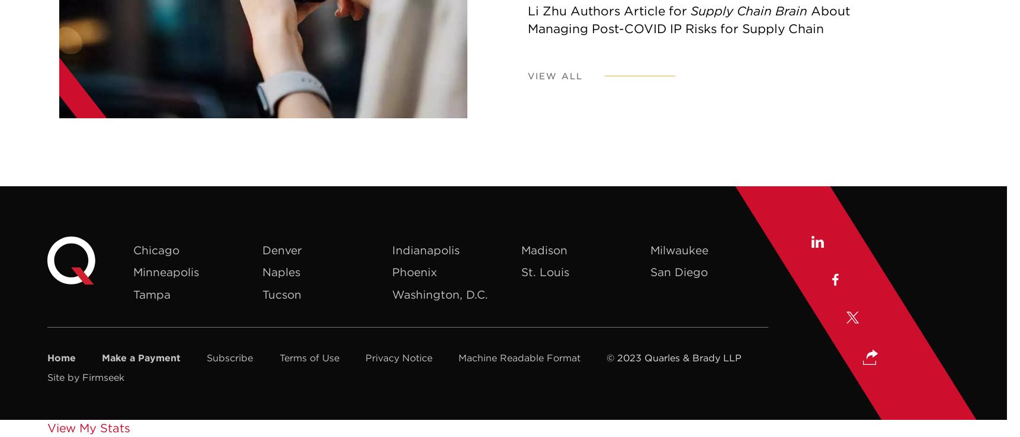 The width and height of the screenshot is (1020, 437). What do you see at coordinates (679, 248) in the screenshot?
I see `'Milwaukee'` at bounding box center [679, 248].